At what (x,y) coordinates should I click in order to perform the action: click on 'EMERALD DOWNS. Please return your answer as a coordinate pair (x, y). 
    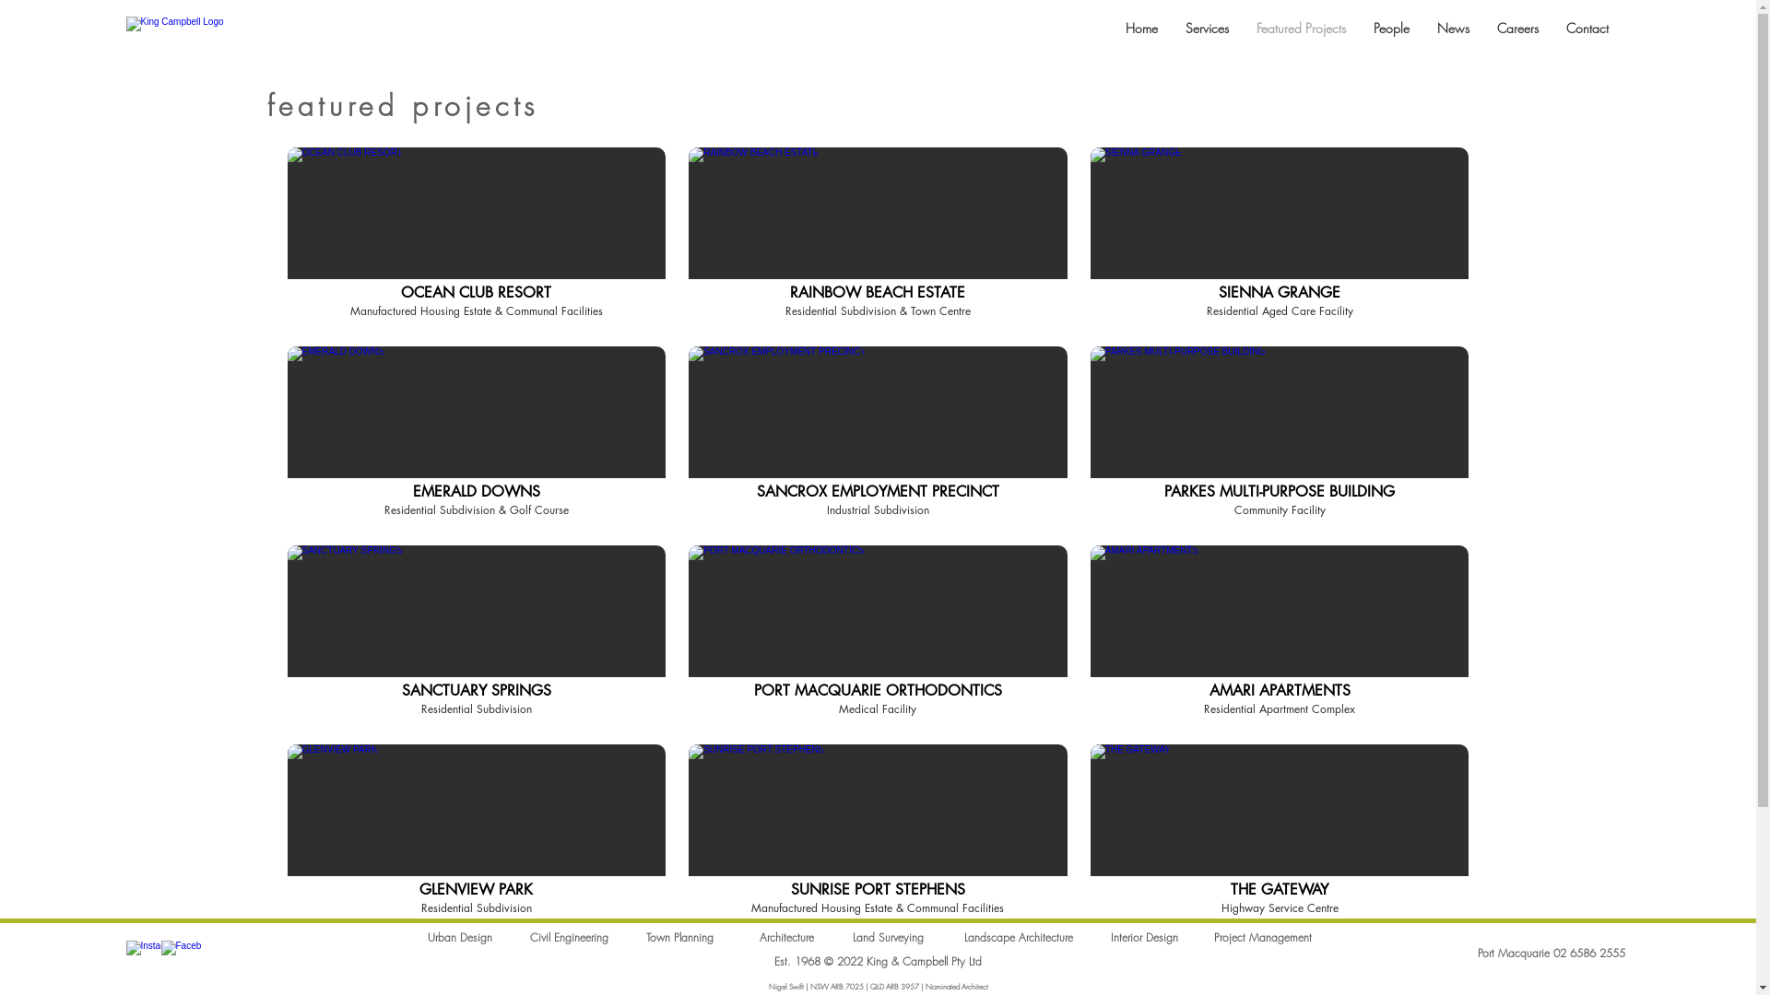
    Looking at the image, I should click on (477, 434).